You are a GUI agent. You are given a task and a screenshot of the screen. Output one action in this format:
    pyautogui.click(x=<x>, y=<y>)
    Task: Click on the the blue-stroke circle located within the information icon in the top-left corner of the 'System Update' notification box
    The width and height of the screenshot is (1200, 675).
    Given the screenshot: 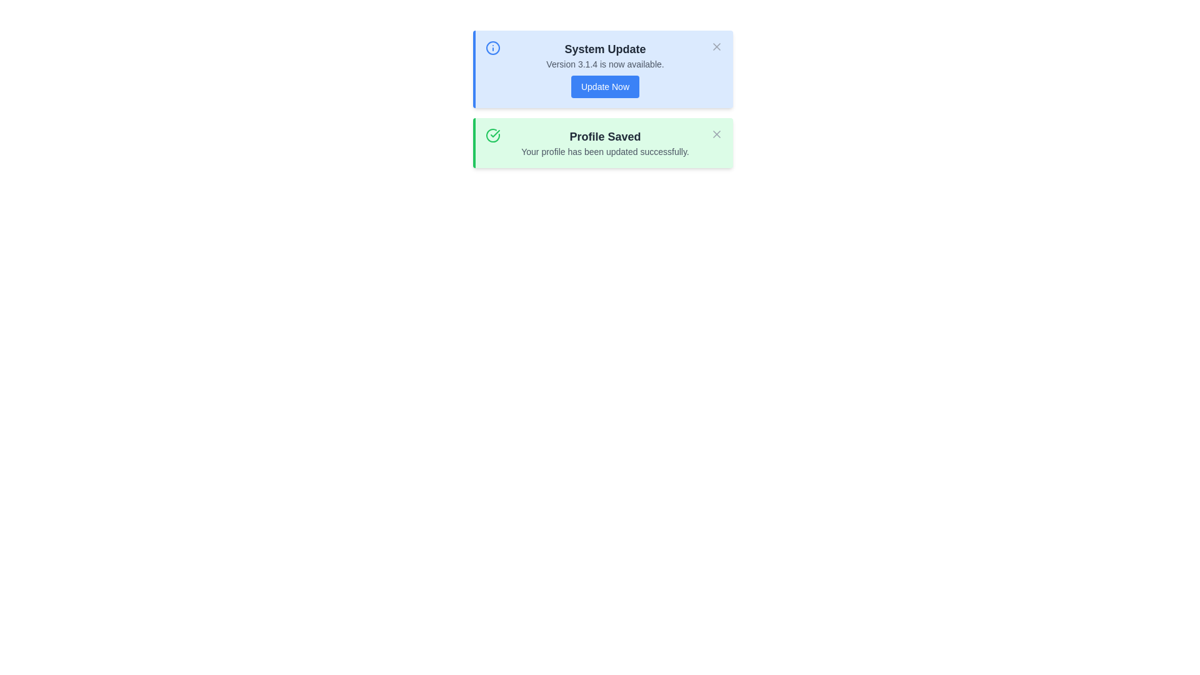 What is the action you would take?
    pyautogui.click(x=492, y=47)
    